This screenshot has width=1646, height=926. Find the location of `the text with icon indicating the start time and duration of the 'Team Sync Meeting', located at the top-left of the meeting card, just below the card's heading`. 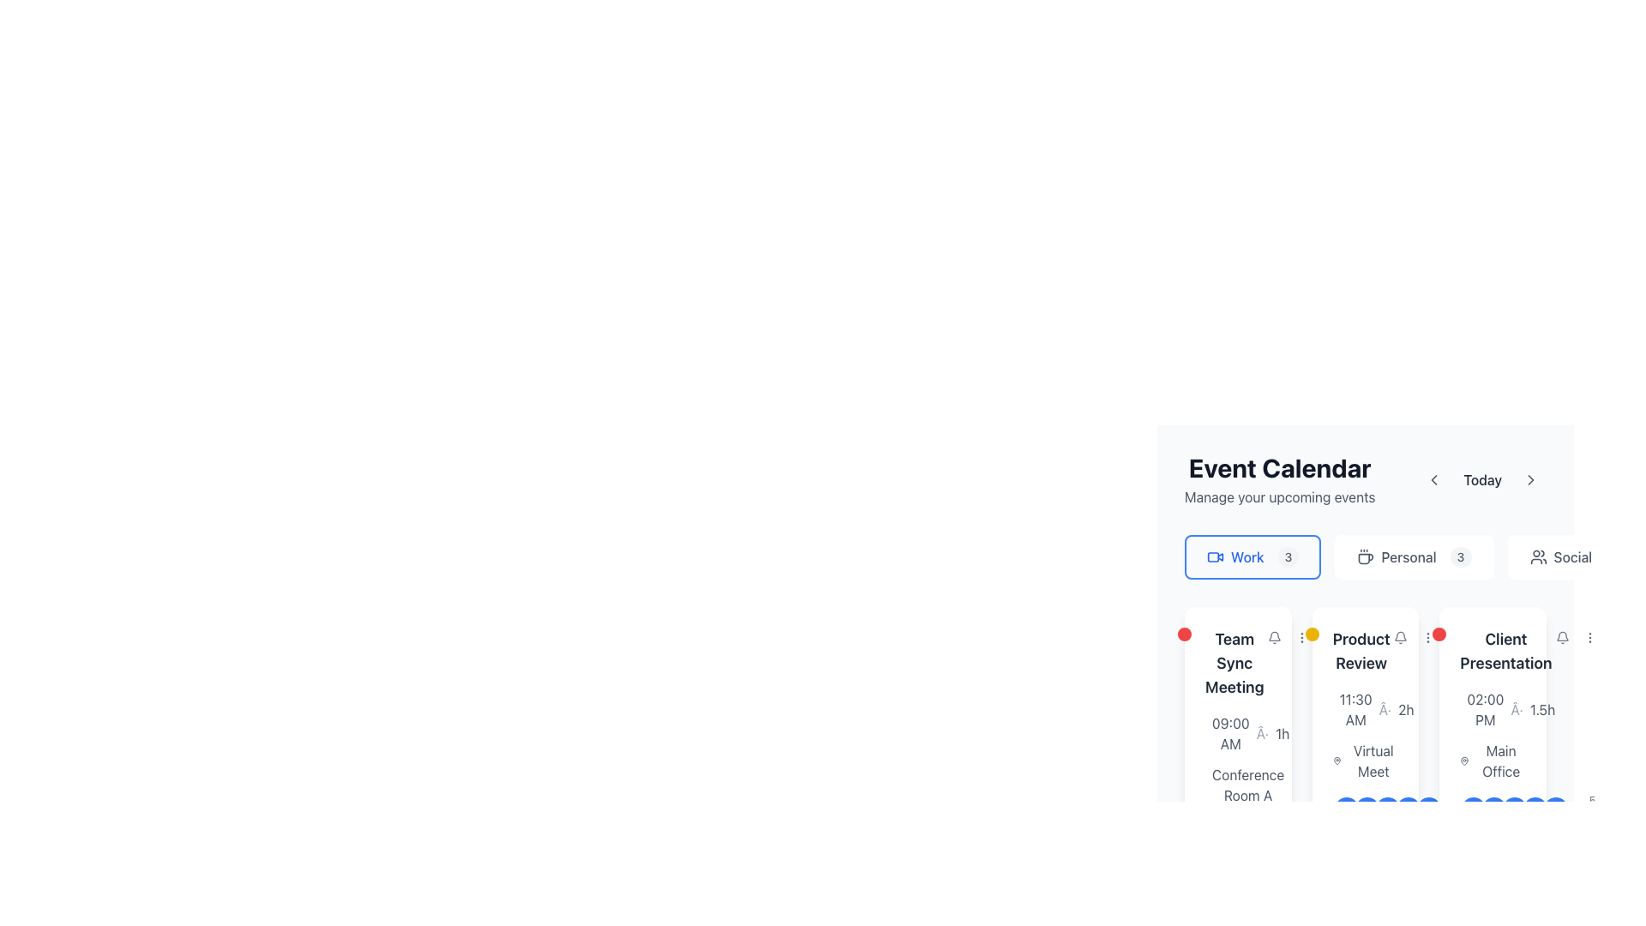

the text with icon indicating the start time and duration of the 'Team Sync Meeting', located at the top-left of the meeting card, just below the card's heading is located at coordinates (1238, 733).